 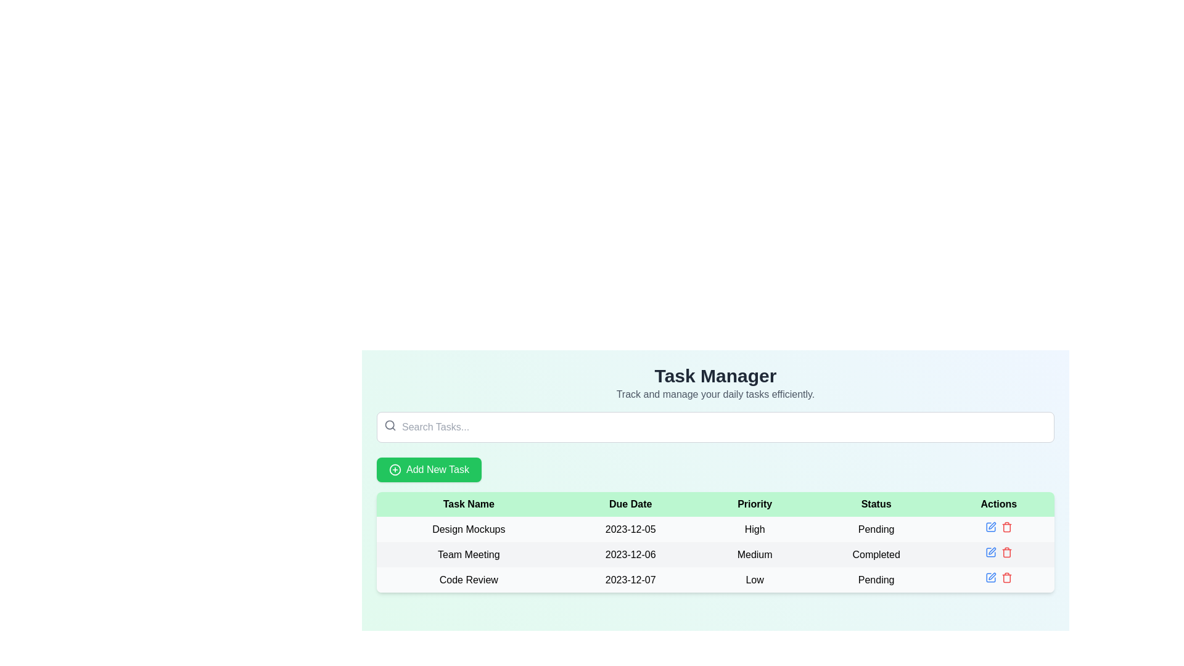 What do you see at coordinates (1006, 578) in the screenshot?
I see `the red trash icon button in the 'Actions' column` at bounding box center [1006, 578].